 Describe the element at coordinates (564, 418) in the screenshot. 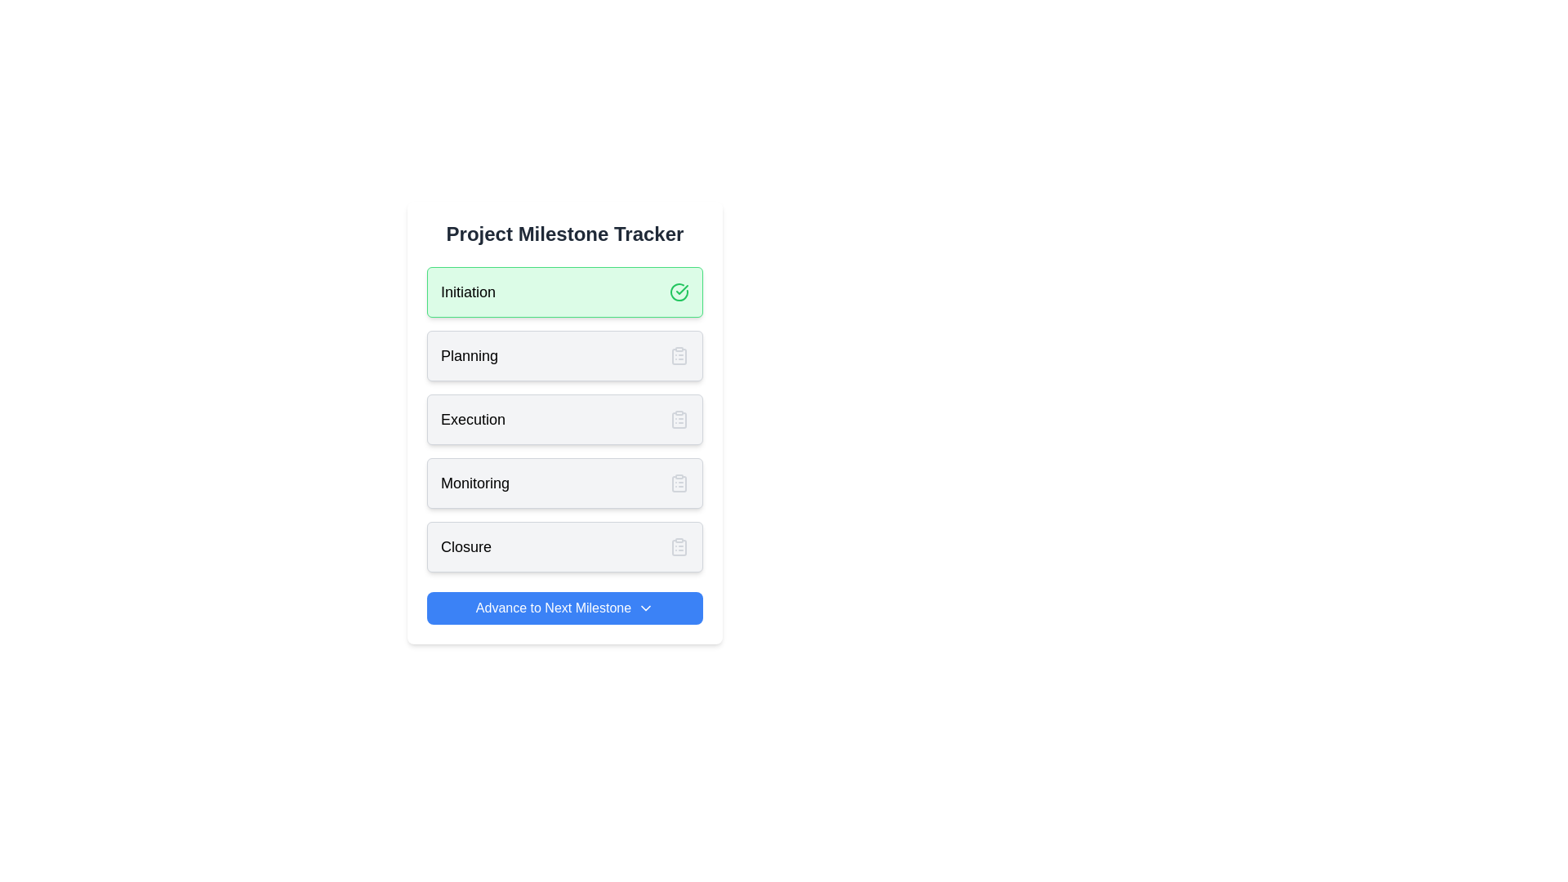

I see `the milestone 'Execution'` at that location.